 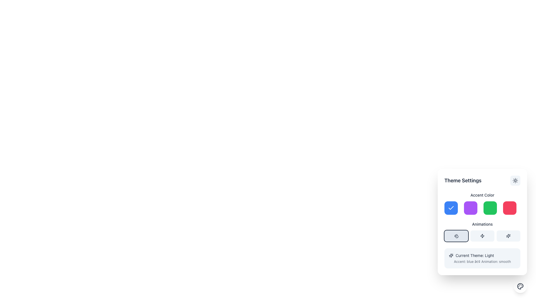 What do you see at coordinates (515, 180) in the screenshot?
I see `the circular button with a sun icon in the 'Theme Settings' panel for keyboard navigation` at bounding box center [515, 180].